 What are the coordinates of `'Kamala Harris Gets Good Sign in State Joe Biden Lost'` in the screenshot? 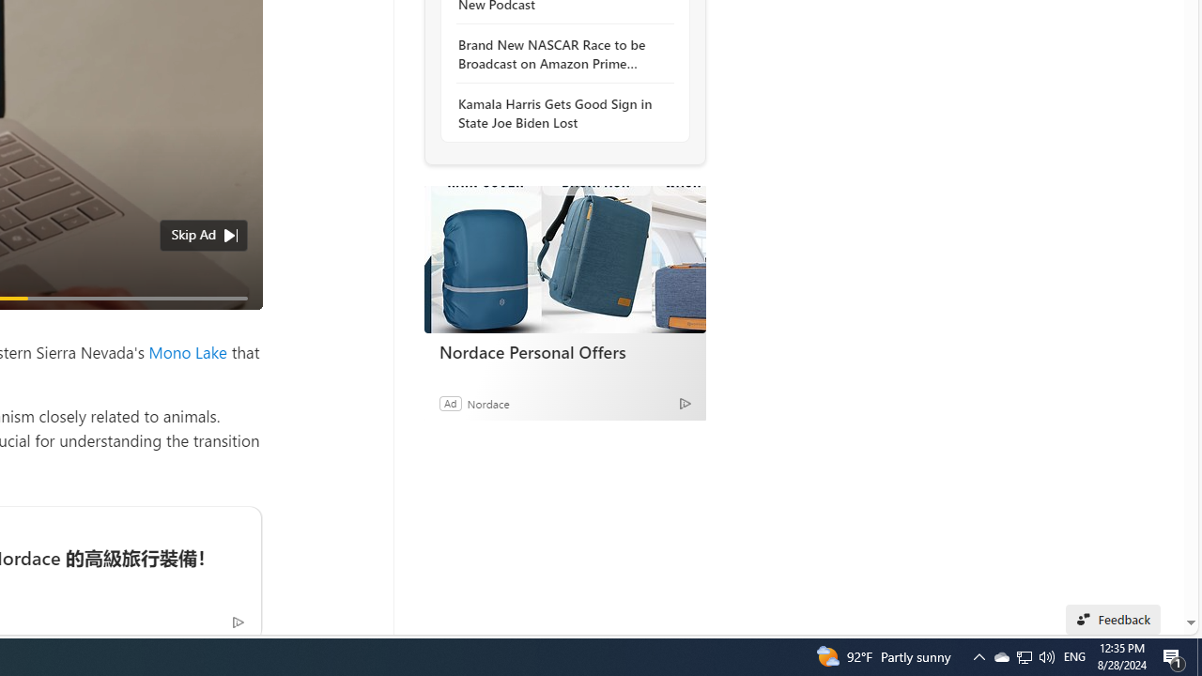 It's located at (559, 113).